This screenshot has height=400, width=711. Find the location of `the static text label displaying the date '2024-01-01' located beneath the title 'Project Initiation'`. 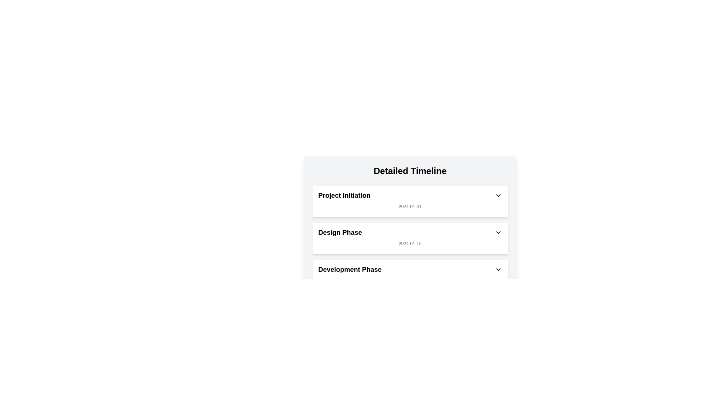

the static text label displaying the date '2024-01-01' located beneath the title 'Project Initiation' is located at coordinates (410, 207).